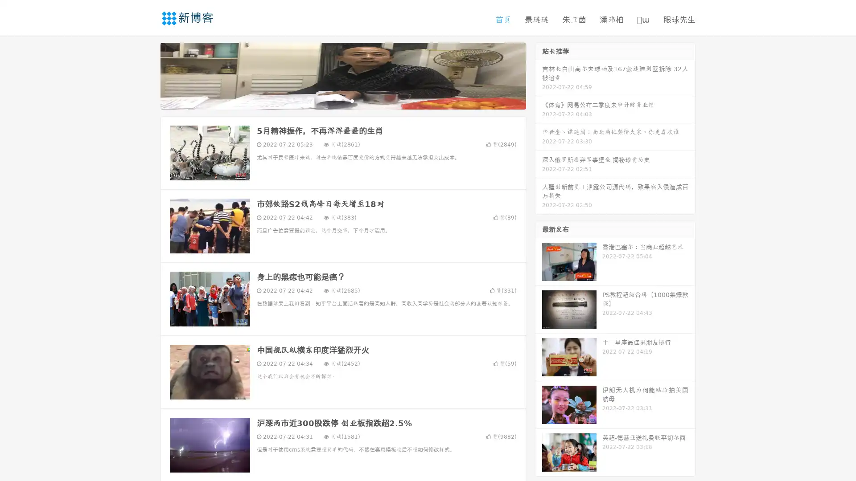 The width and height of the screenshot is (856, 481). I want to click on Go to slide 2, so click(342, 100).